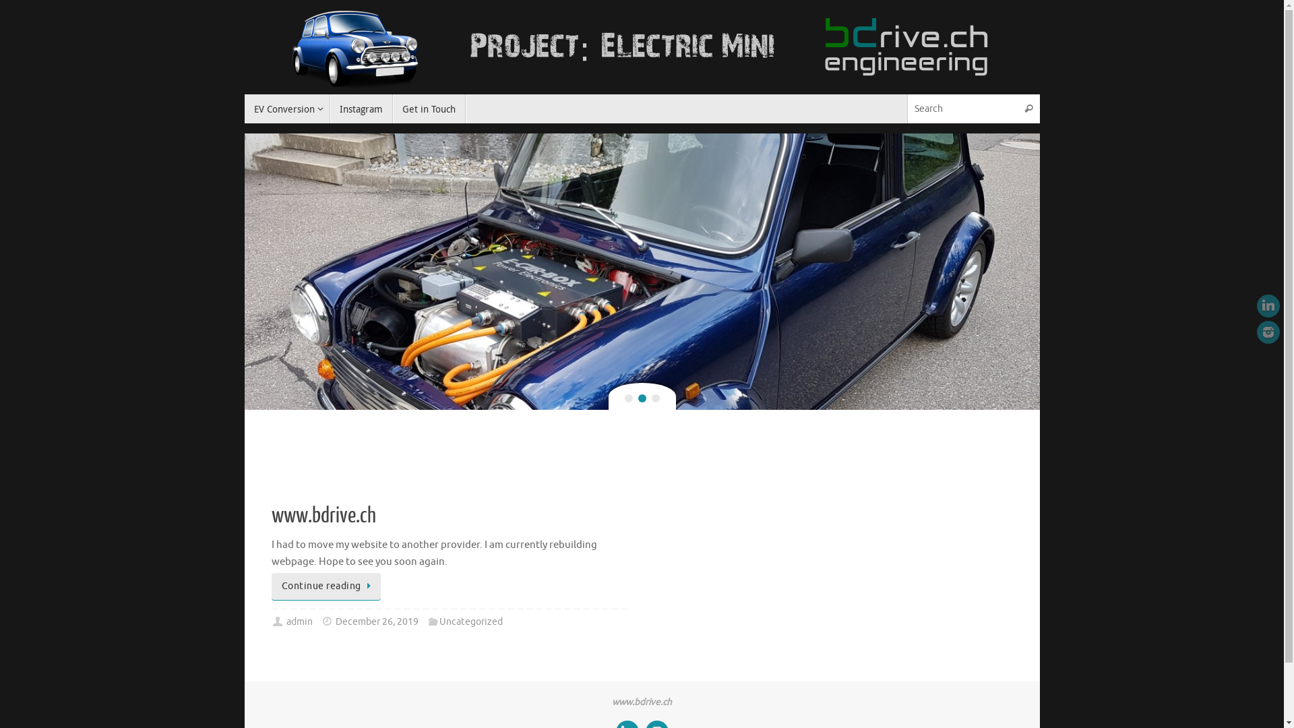 This screenshot has height=728, width=1294. Describe the element at coordinates (640, 397) in the screenshot. I see `'2'` at that location.